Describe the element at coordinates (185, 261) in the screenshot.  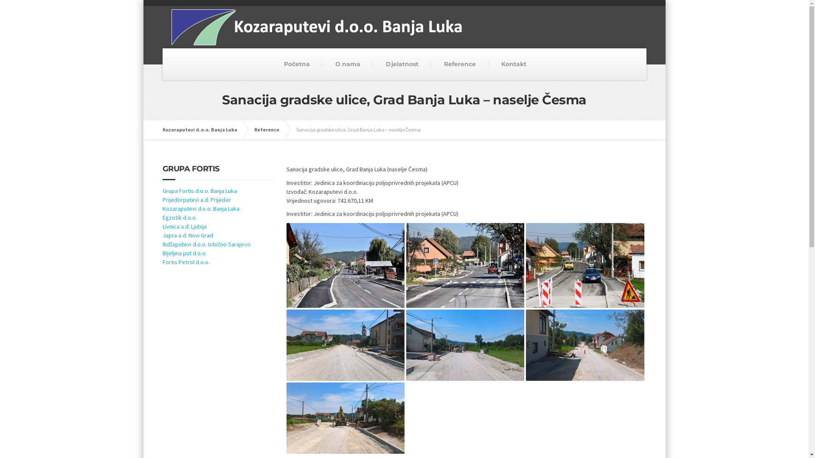
I see `'Fortis Petrol d.o.o.'` at that location.